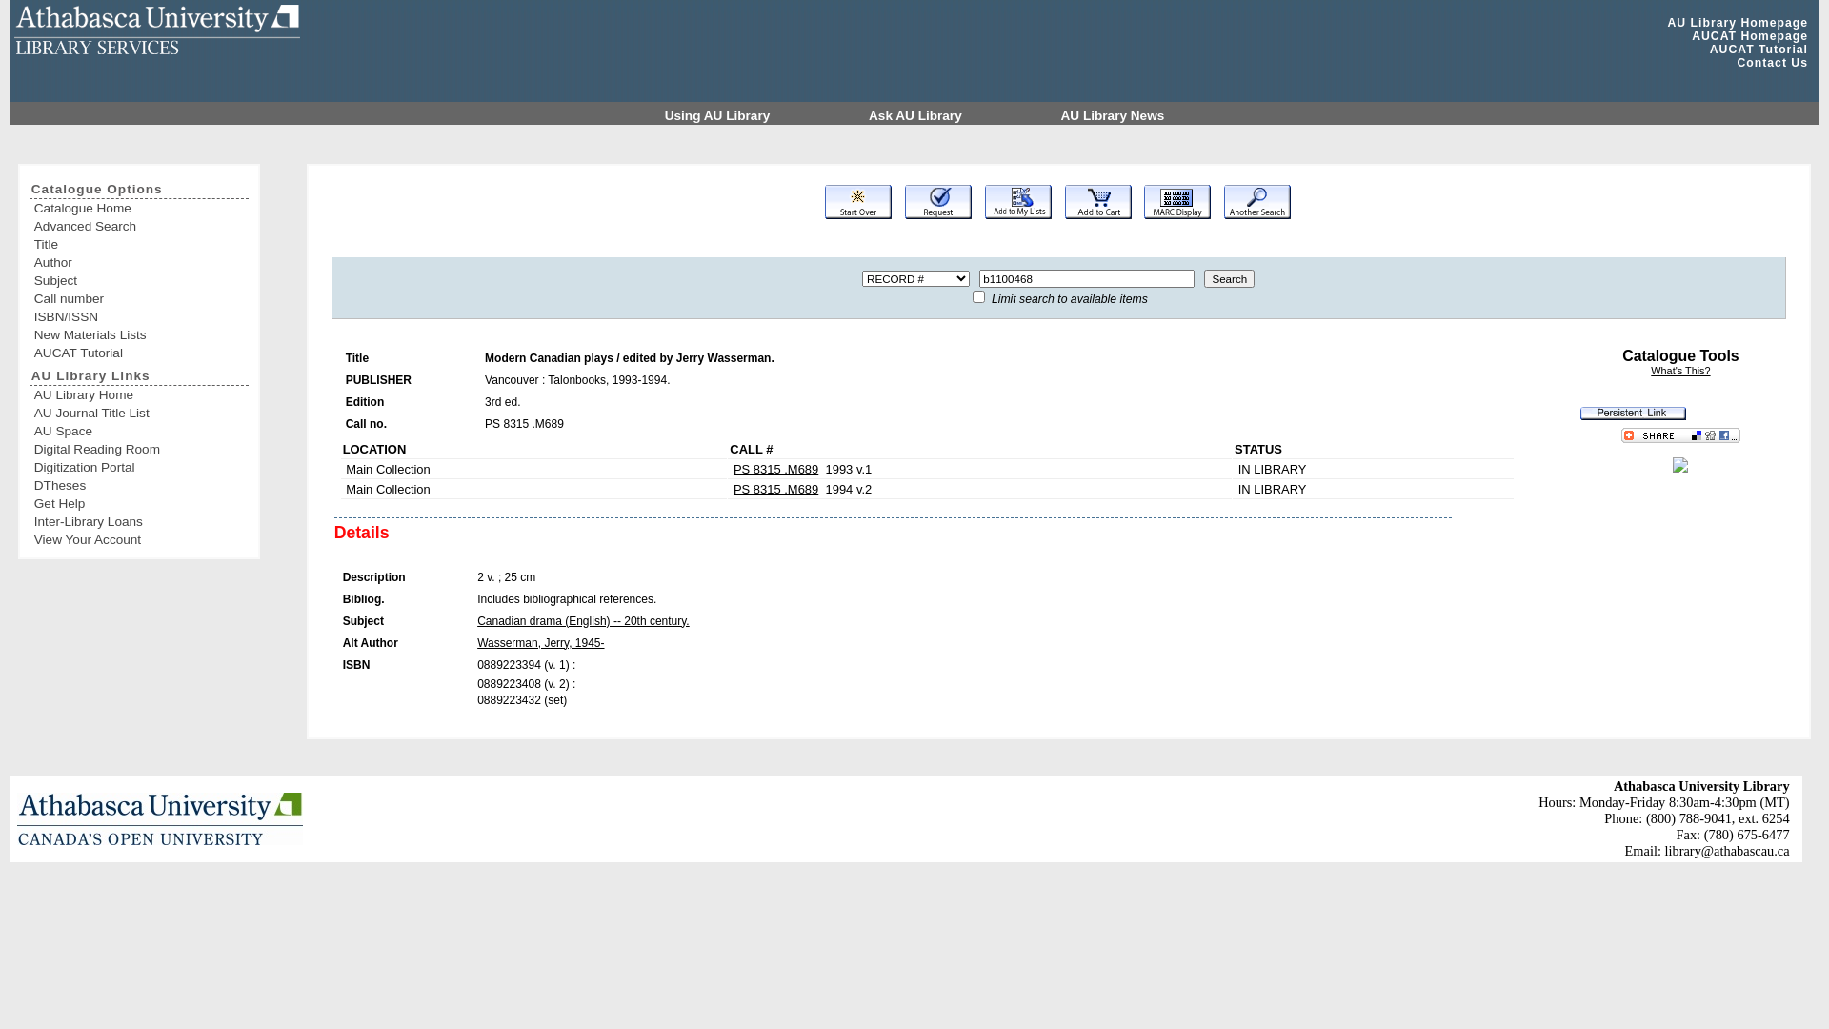  I want to click on 'Digital Reading Room', so click(139, 449).